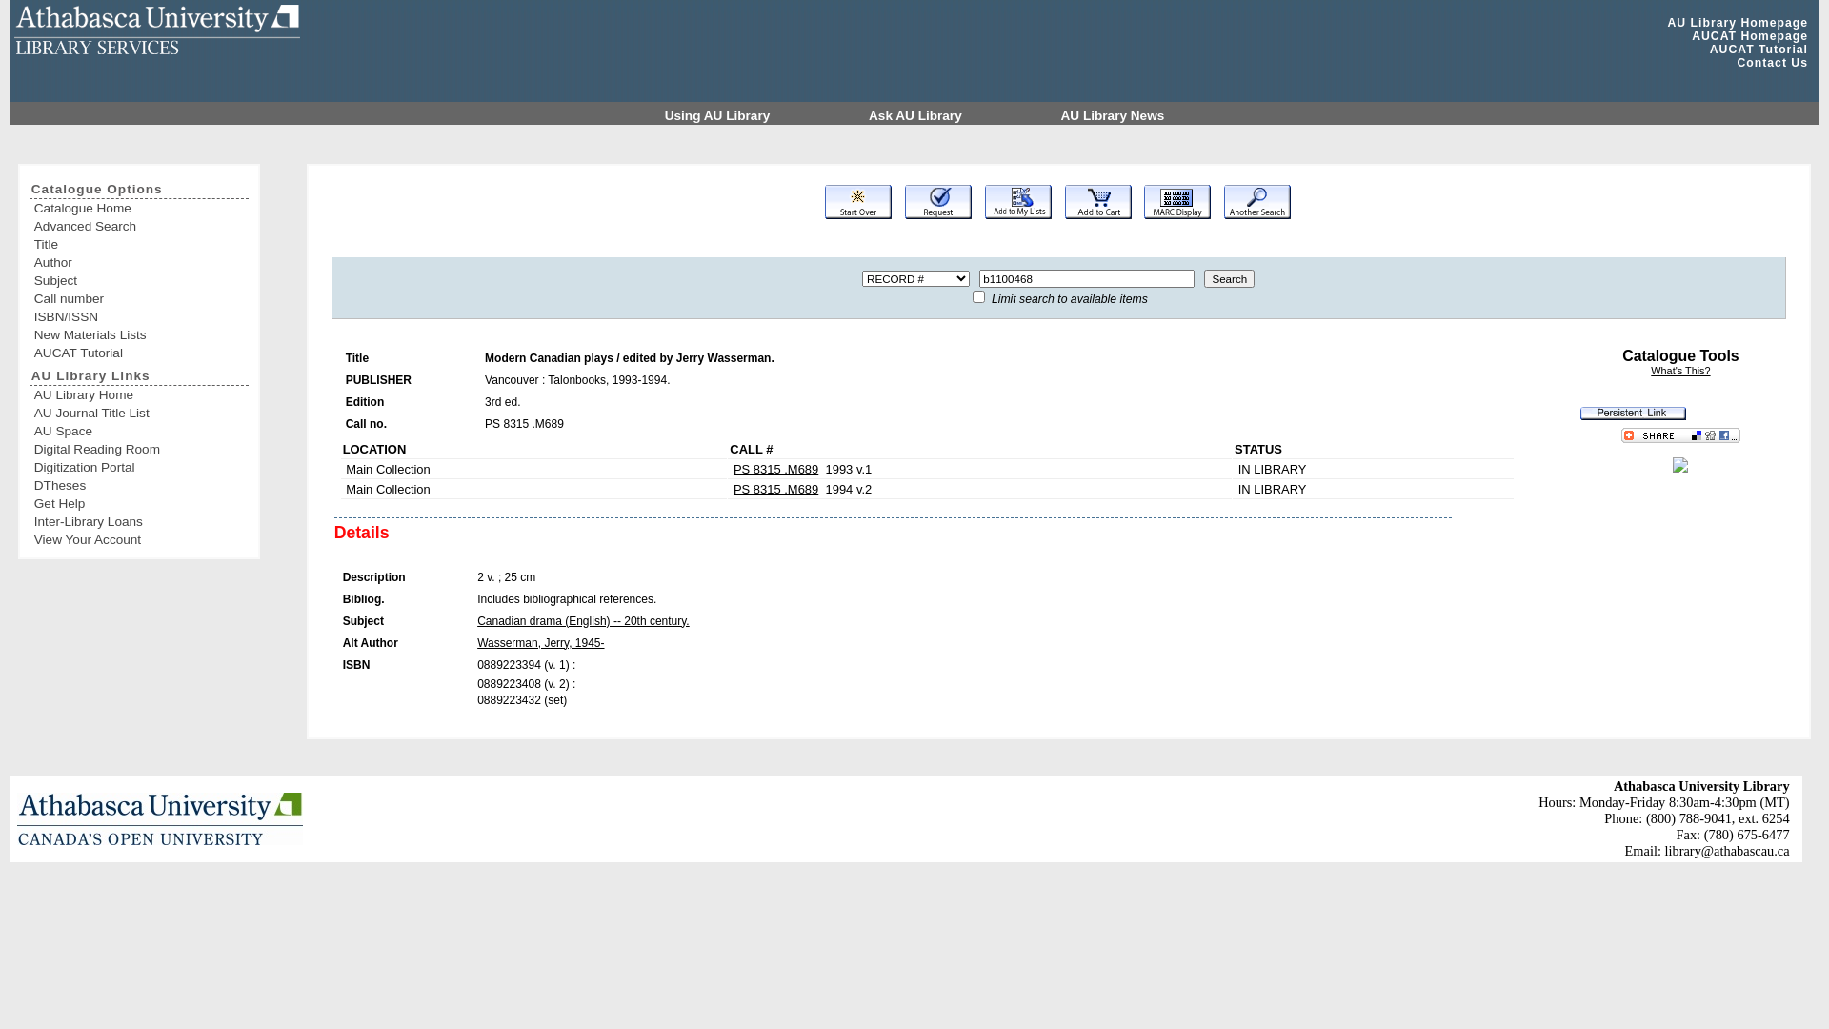  I want to click on 'Digital Reading Room', so click(139, 449).